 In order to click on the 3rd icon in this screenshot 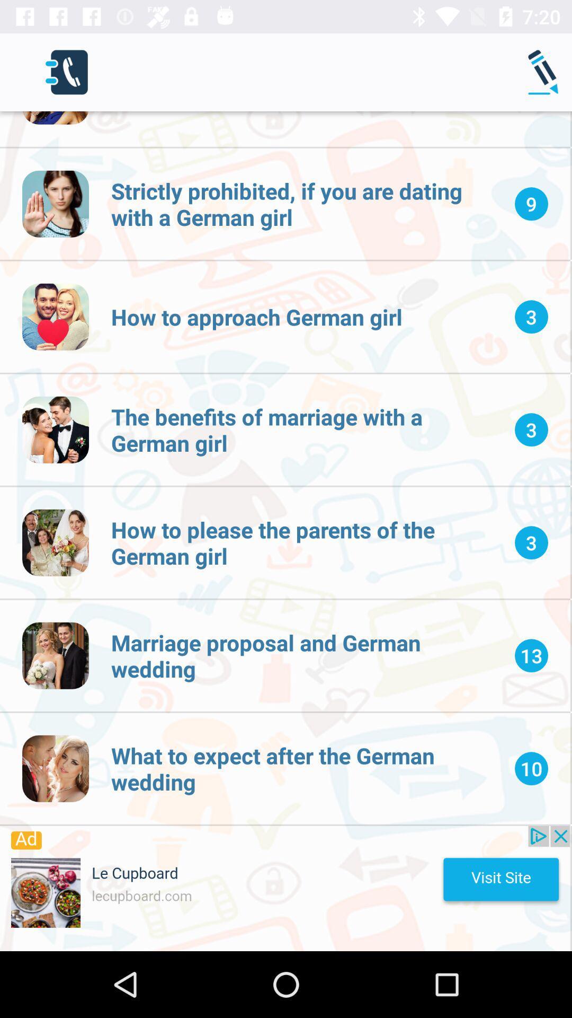, I will do `click(55, 317)`.